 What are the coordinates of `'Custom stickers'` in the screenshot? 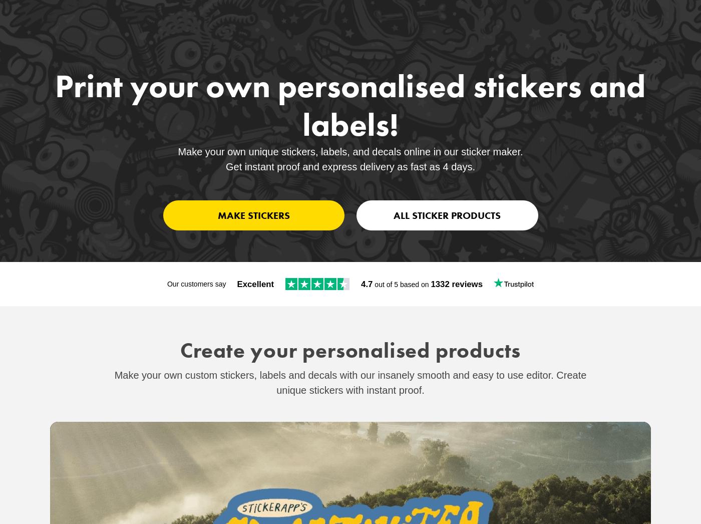 It's located at (71, 24).